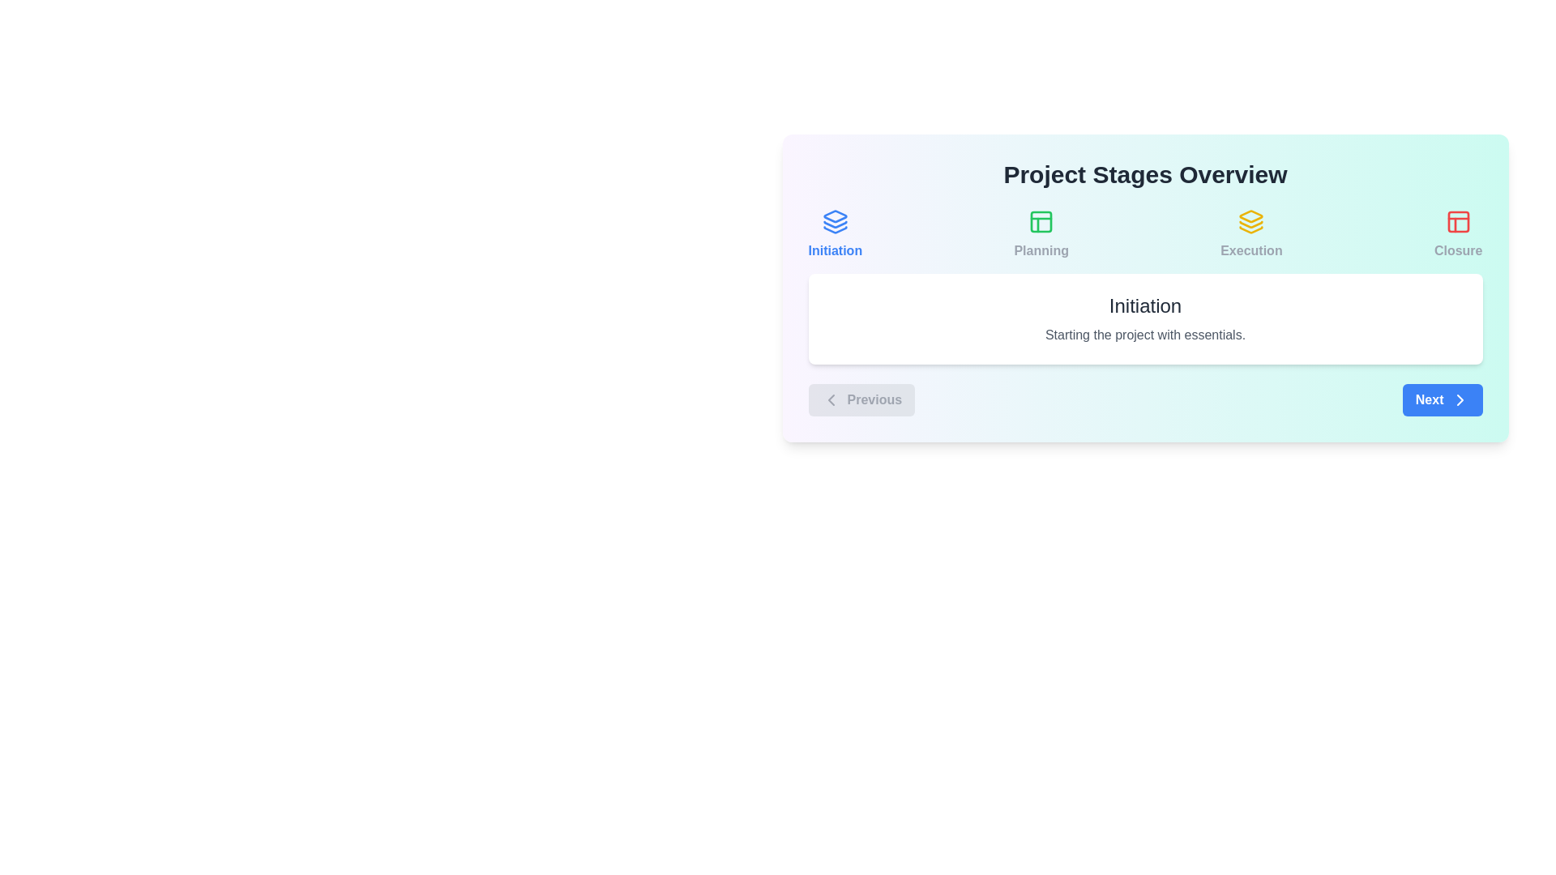 The image size is (1556, 875). Describe the element at coordinates (835, 250) in the screenshot. I see `text label displaying 'Initiation' in blue color, which is positioned beneath the blue icon representing layered structures in the 'Project Stages Overview' section` at that location.